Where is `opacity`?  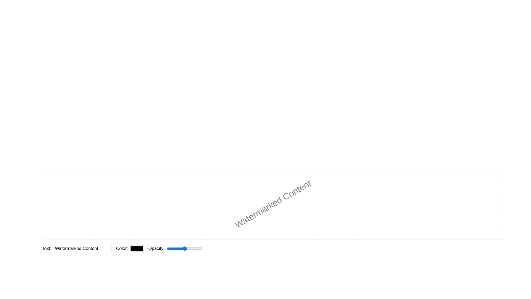 opacity is located at coordinates (193, 248).